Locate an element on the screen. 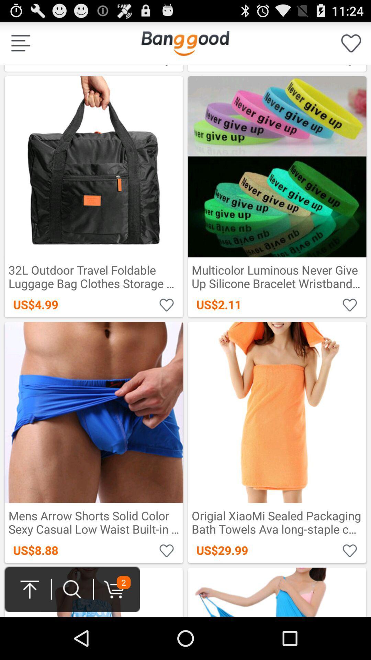 This screenshot has width=371, height=660. wish list is located at coordinates (350, 304).